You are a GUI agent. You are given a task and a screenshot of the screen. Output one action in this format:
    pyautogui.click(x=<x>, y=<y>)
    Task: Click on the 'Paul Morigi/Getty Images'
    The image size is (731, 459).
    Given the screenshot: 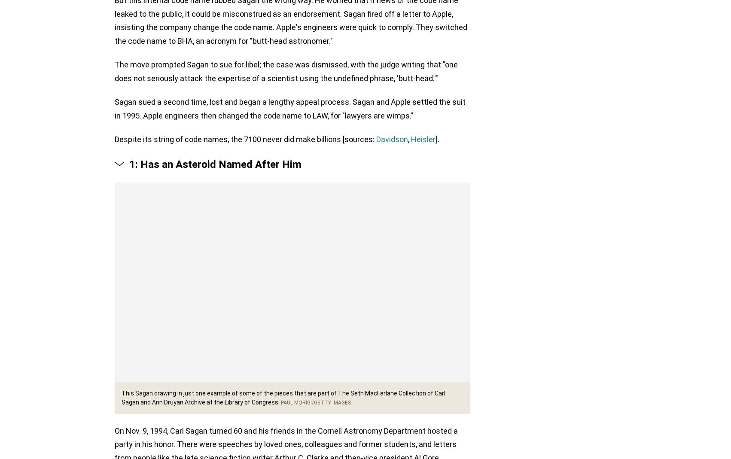 What is the action you would take?
    pyautogui.click(x=315, y=404)
    